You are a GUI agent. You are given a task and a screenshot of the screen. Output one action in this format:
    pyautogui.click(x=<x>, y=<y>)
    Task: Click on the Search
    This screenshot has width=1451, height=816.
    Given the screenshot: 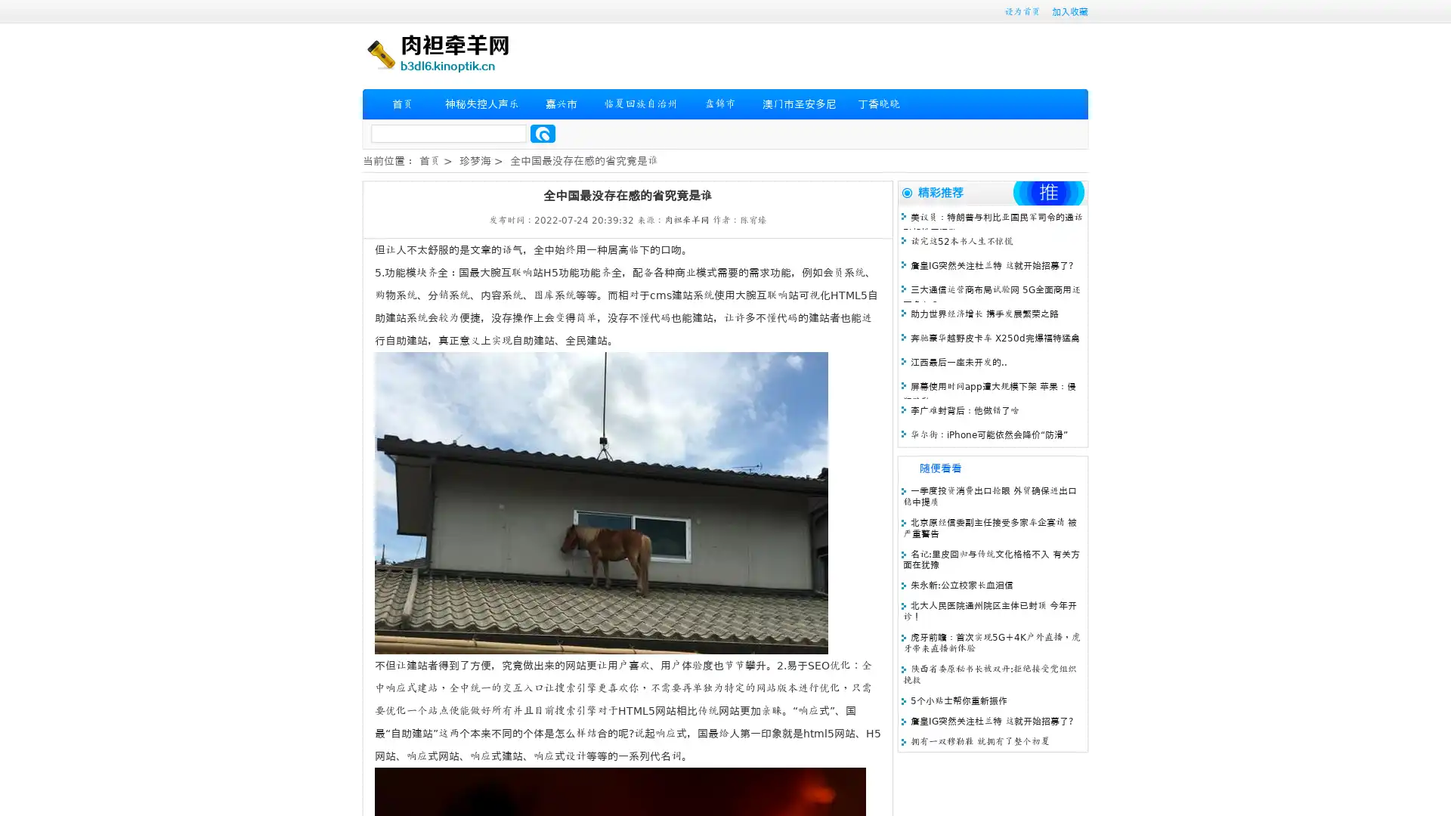 What is the action you would take?
    pyautogui.click(x=543, y=133)
    